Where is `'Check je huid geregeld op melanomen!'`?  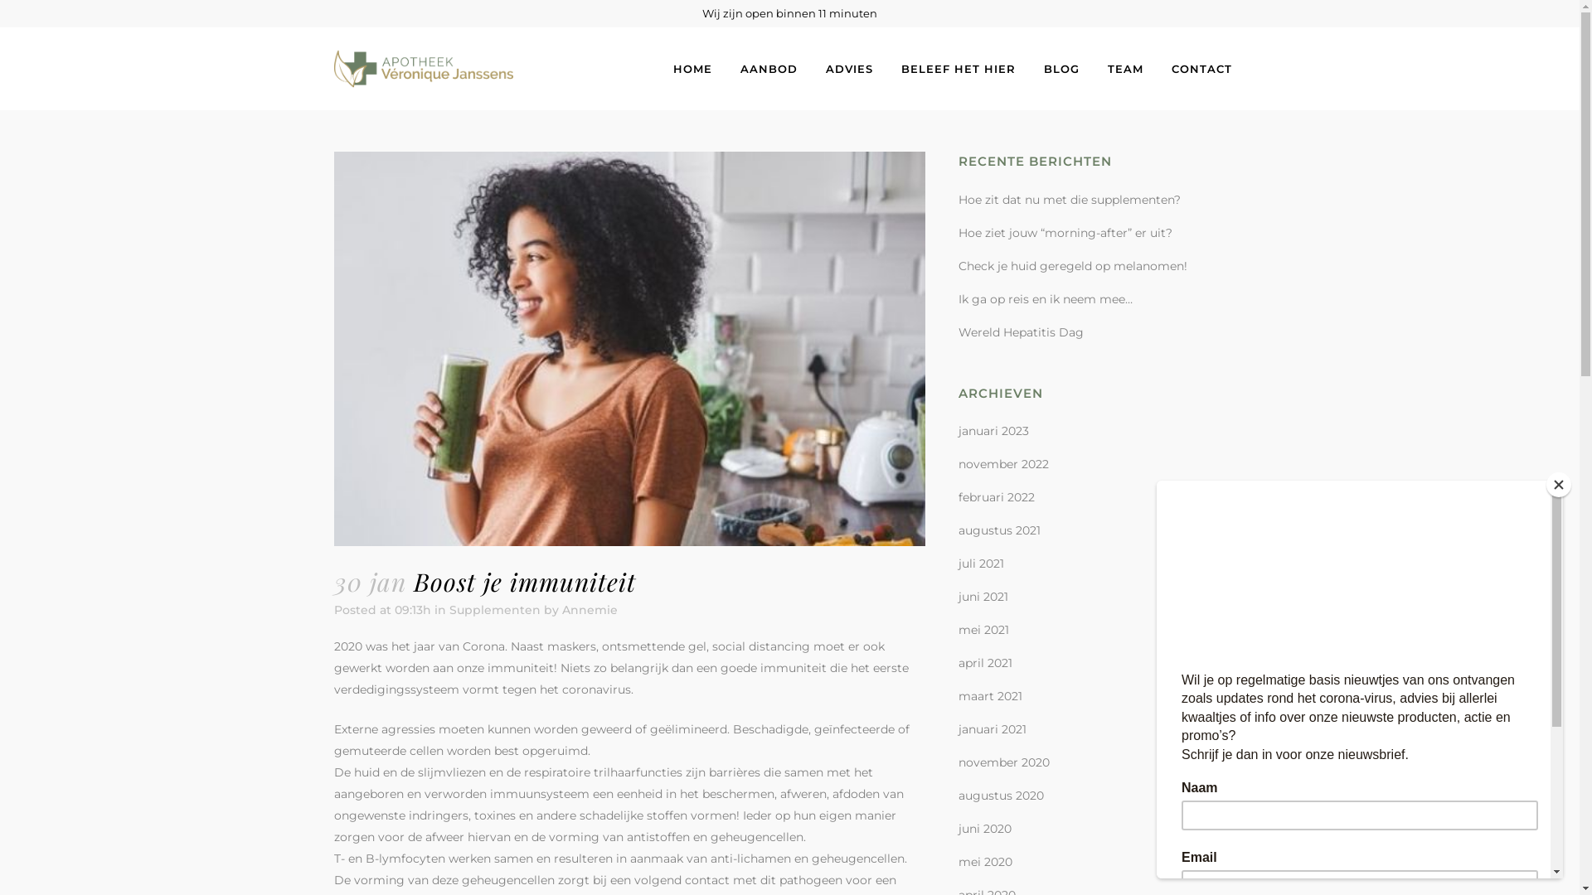
'Check je huid geregeld op melanomen!' is located at coordinates (959, 264).